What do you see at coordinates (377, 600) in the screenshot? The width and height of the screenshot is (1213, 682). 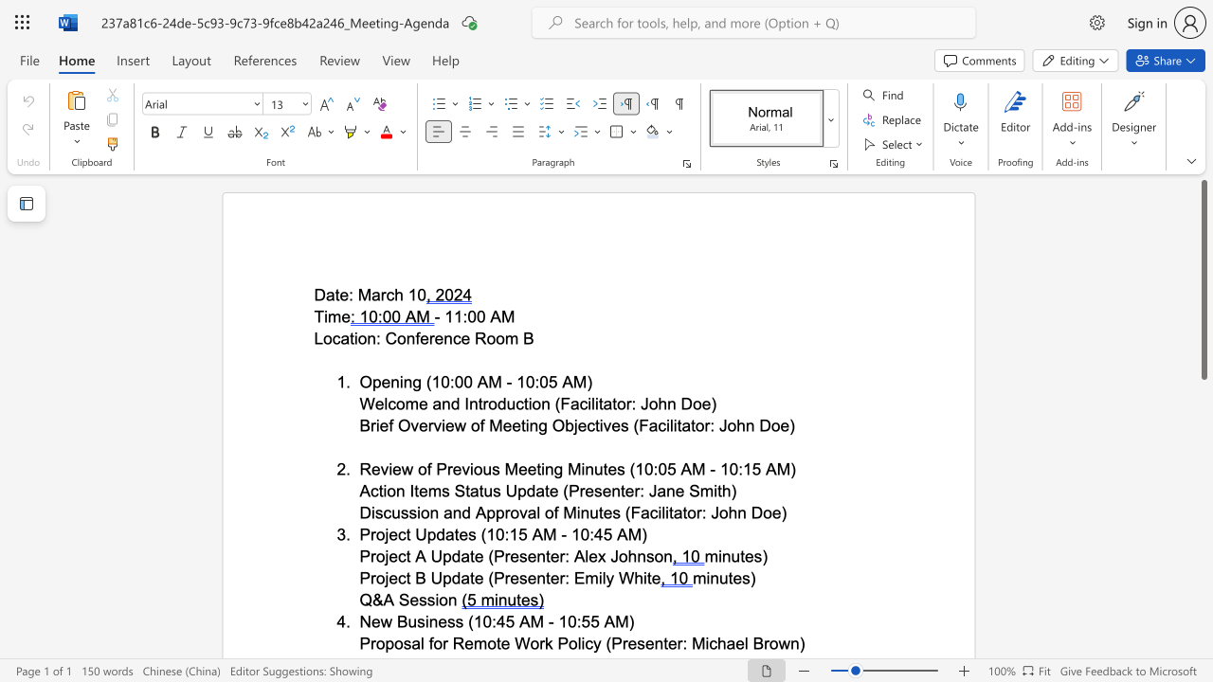 I see `the 1th character "&" in the text` at bounding box center [377, 600].